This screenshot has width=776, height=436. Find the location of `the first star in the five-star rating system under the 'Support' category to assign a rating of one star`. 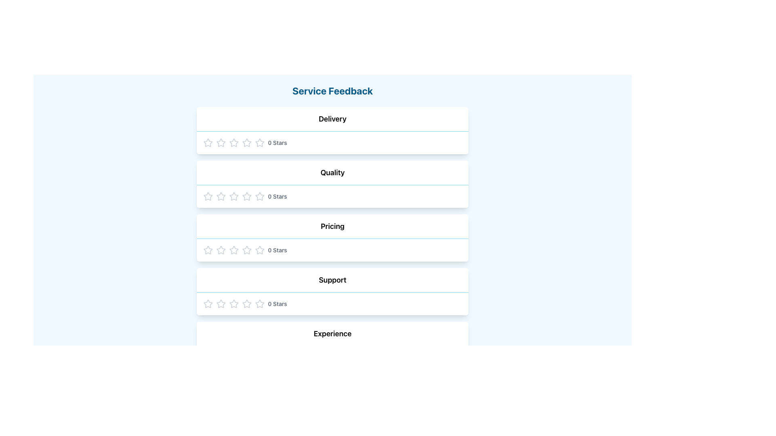

the first star in the five-star rating system under the 'Support' category to assign a rating of one star is located at coordinates (221, 304).